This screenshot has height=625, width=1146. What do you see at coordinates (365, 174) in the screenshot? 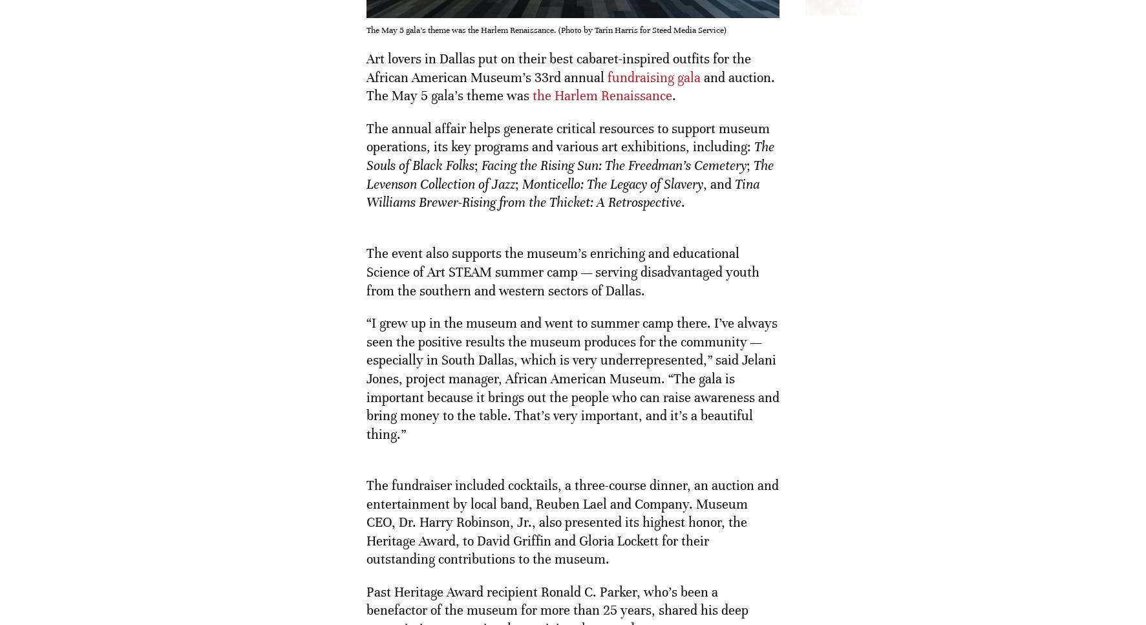
I see `'The Levenson Collection of Jazz'` at bounding box center [365, 174].